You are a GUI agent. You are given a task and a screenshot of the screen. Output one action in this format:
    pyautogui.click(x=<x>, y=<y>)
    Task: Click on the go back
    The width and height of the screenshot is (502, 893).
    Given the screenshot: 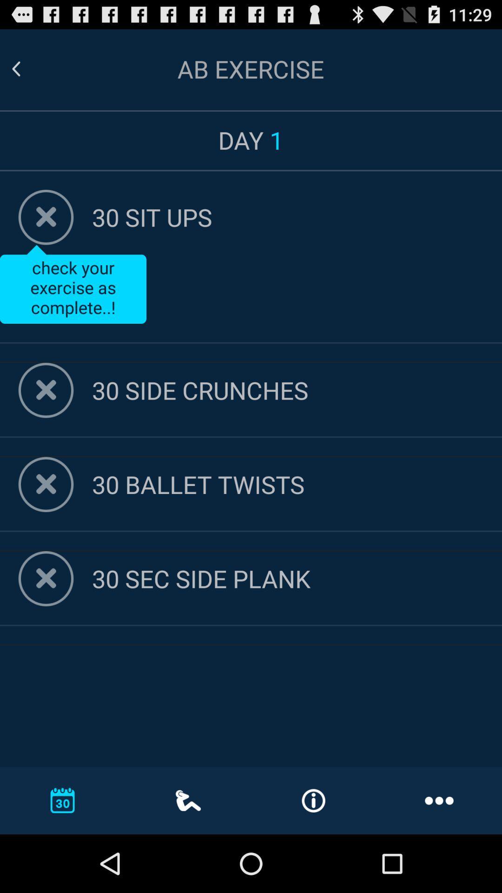 What is the action you would take?
    pyautogui.click(x=27, y=68)
    